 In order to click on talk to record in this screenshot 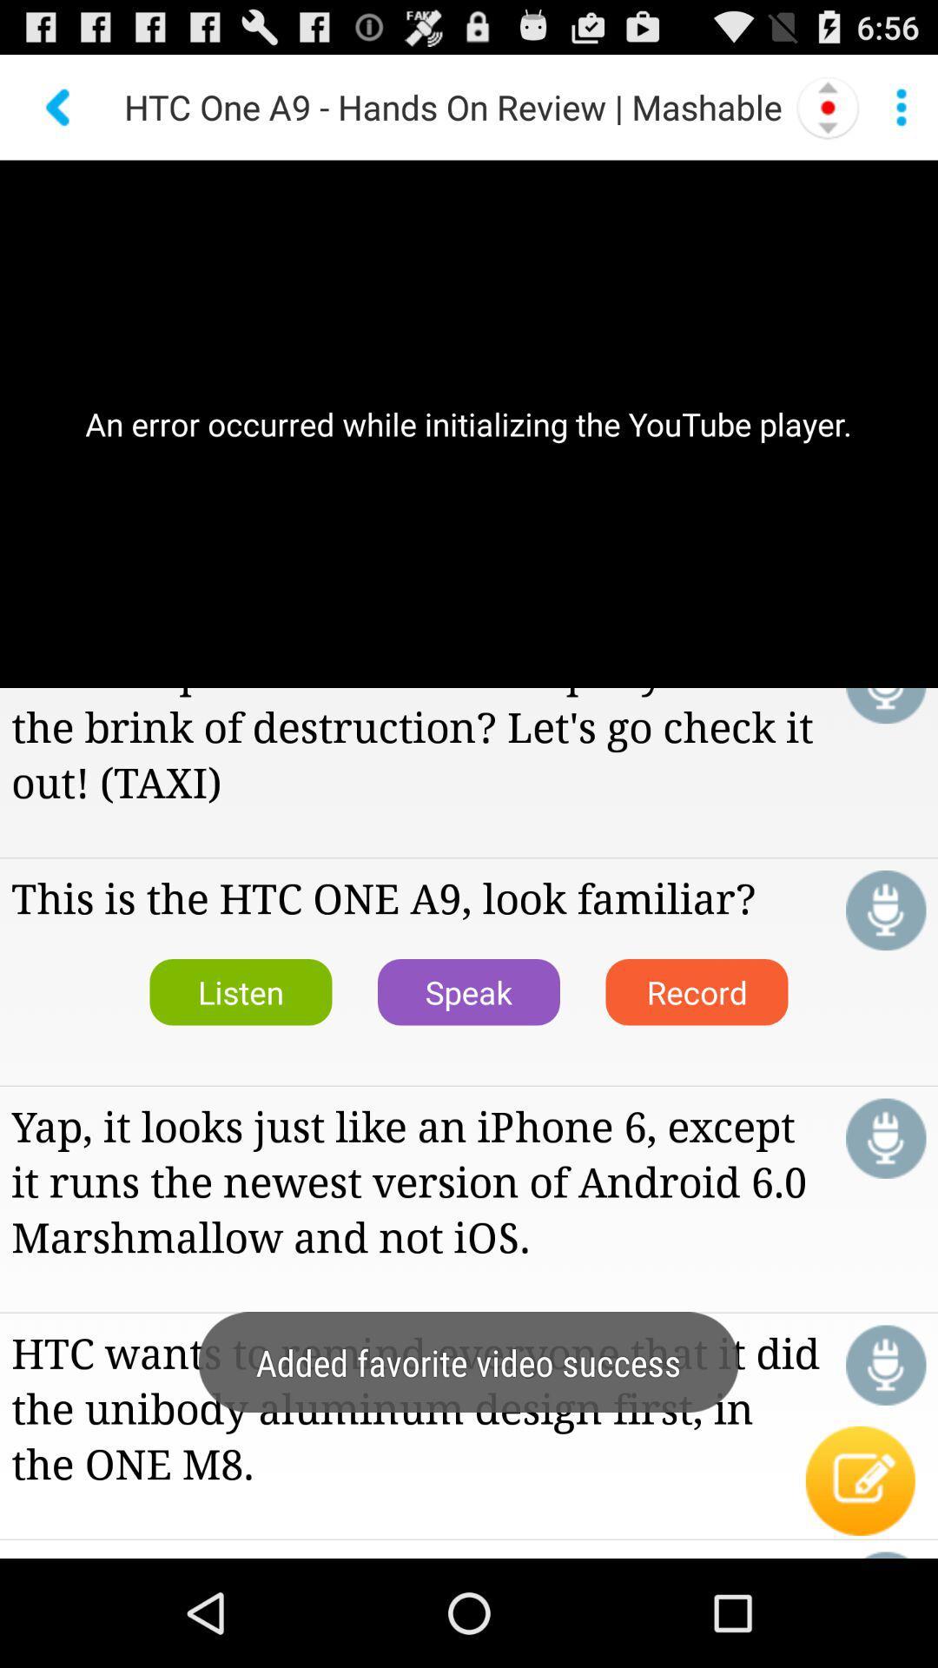, I will do `click(886, 1138)`.